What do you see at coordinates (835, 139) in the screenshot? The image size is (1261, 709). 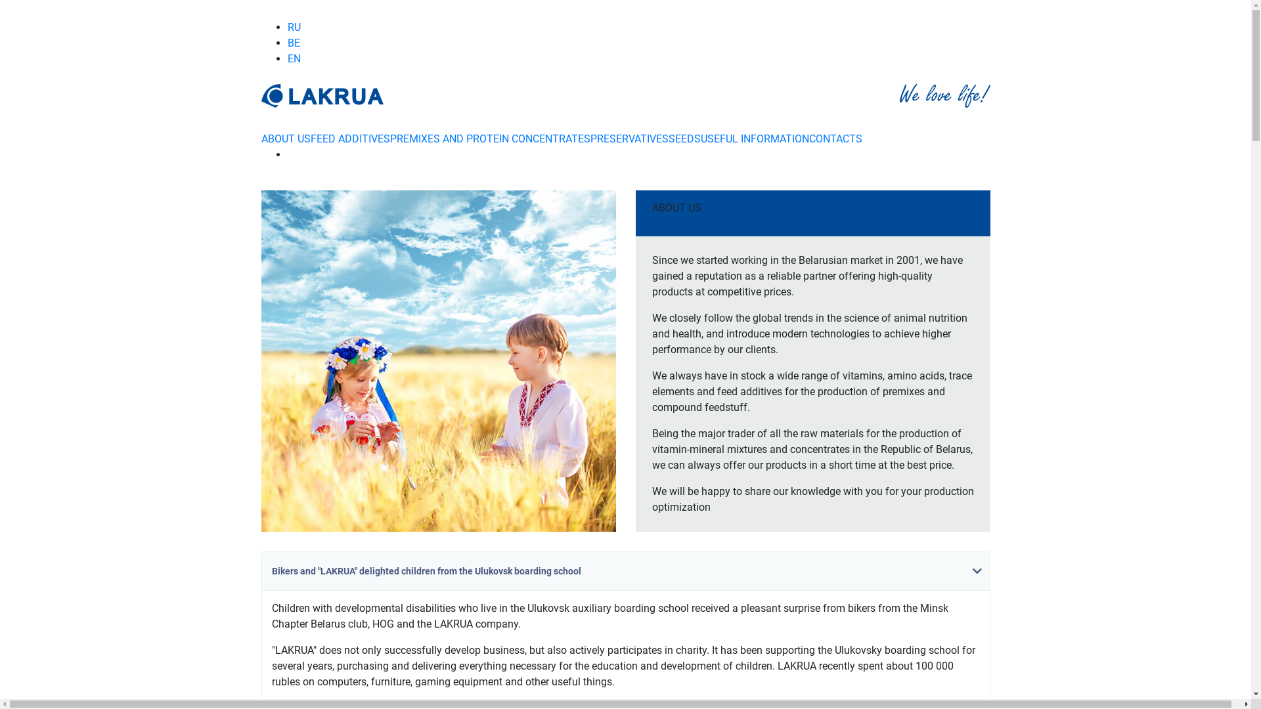 I see `'CONTACTS'` at bounding box center [835, 139].